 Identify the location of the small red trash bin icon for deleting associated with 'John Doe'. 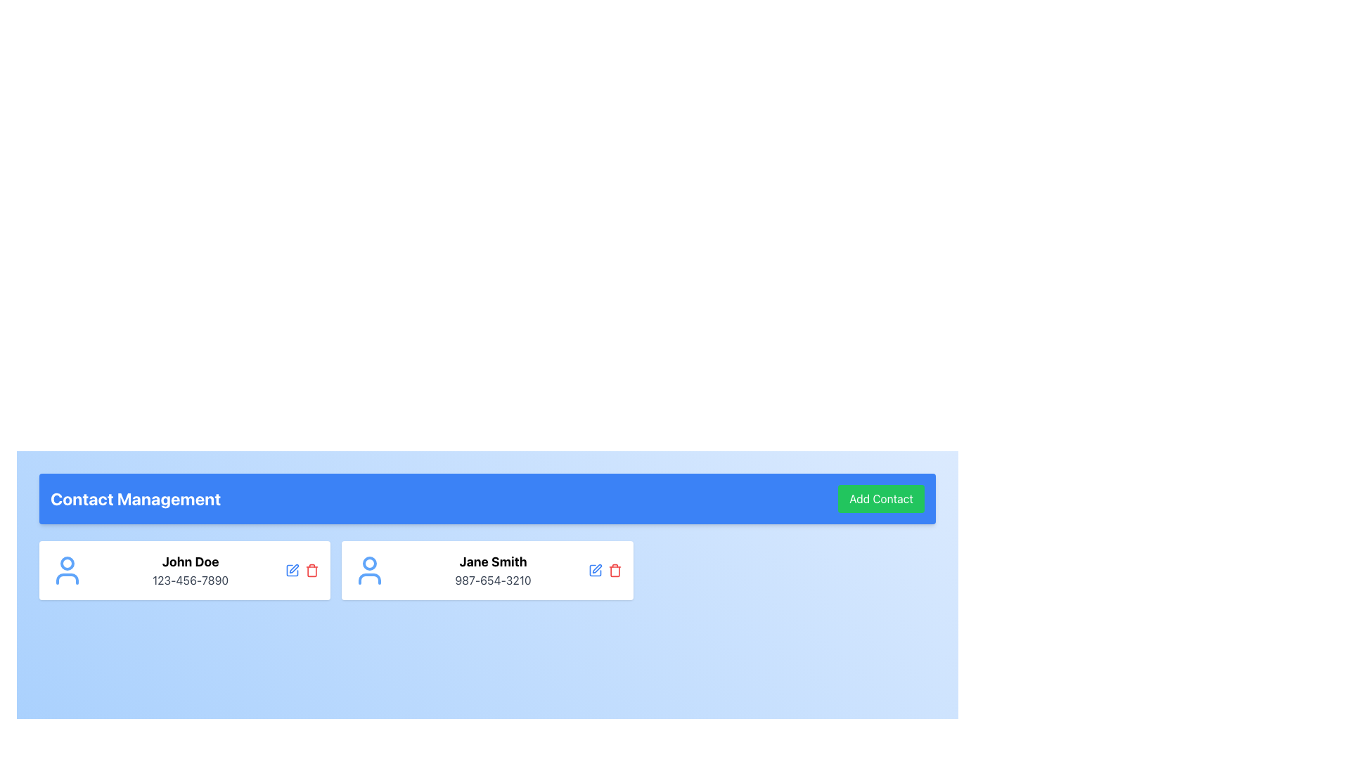
(311, 571).